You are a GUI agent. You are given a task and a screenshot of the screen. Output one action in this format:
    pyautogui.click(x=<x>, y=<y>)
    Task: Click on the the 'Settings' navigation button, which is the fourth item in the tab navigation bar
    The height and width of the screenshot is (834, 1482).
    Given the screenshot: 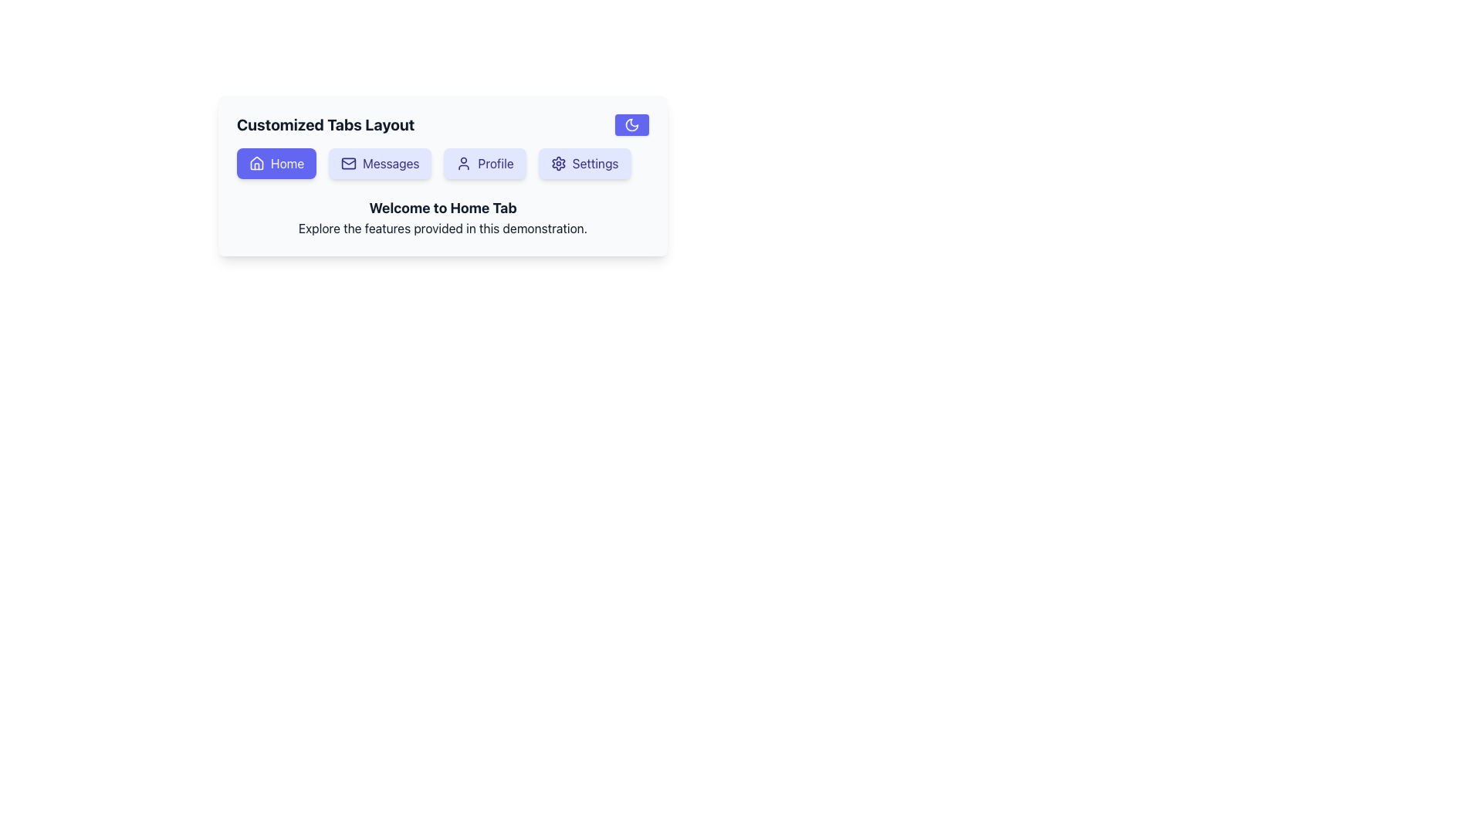 What is the action you would take?
    pyautogui.click(x=594, y=164)
    